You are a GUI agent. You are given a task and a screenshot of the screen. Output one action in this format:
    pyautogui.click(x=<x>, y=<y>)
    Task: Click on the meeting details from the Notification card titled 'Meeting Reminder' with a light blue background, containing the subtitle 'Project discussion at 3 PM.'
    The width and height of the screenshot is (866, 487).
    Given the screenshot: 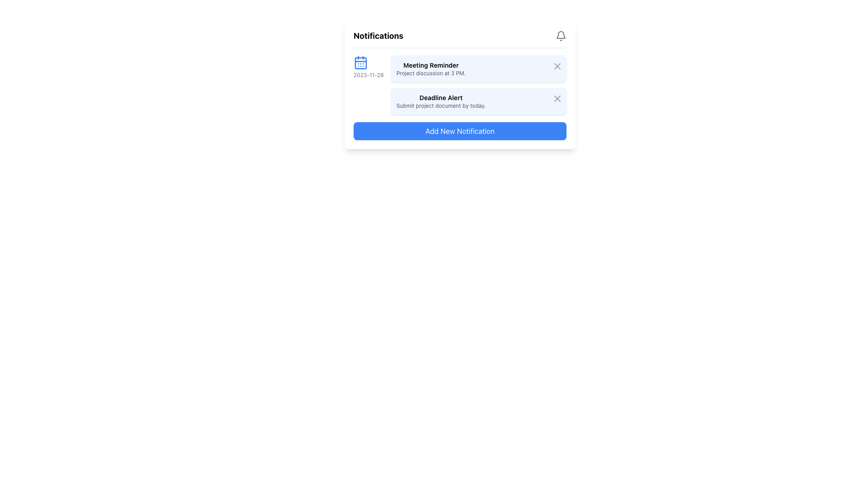 What is the action you would take?
    pyautogui.click(x=478, y=69)
    